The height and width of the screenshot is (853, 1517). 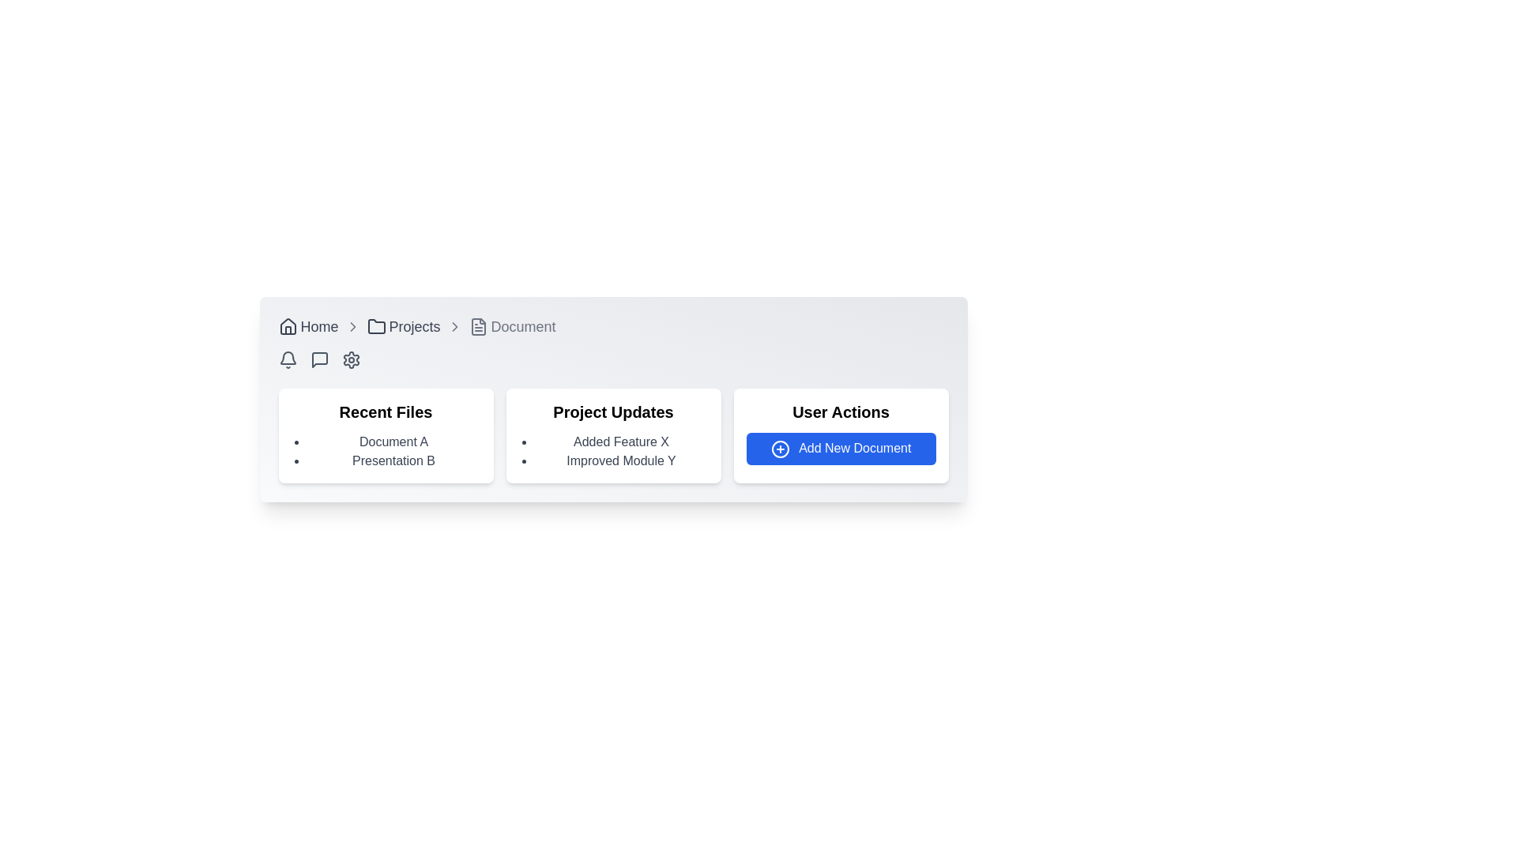 What do you see at coordinates (375, 325) in the screenshot?
I see `the folder icon in the breadcrumb navigation bar, located between the 'Projects' and 'Document' links, to understand the context within the navigation structure` at bounding box center [375, 325].